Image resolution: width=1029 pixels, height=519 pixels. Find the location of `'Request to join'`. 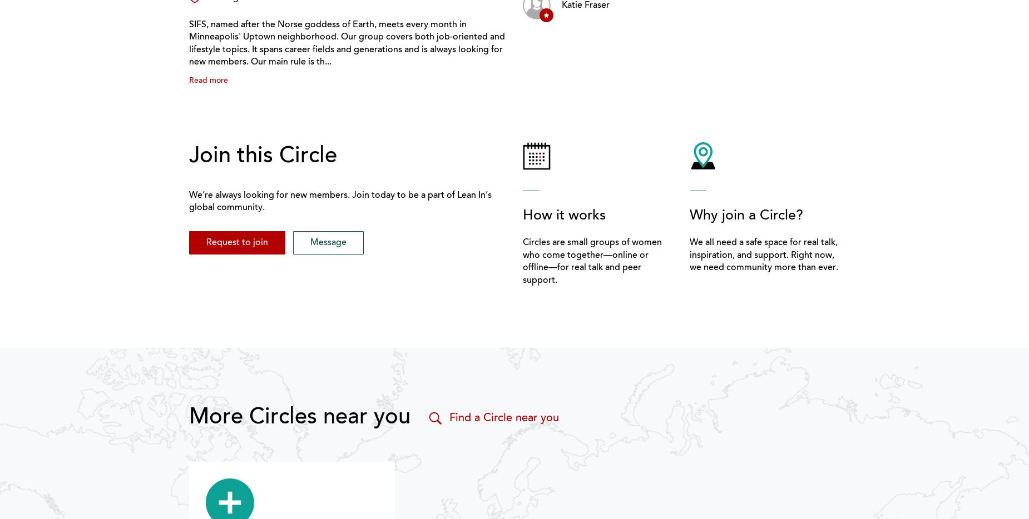

'Request to join' is located at coordinates (236, 242).